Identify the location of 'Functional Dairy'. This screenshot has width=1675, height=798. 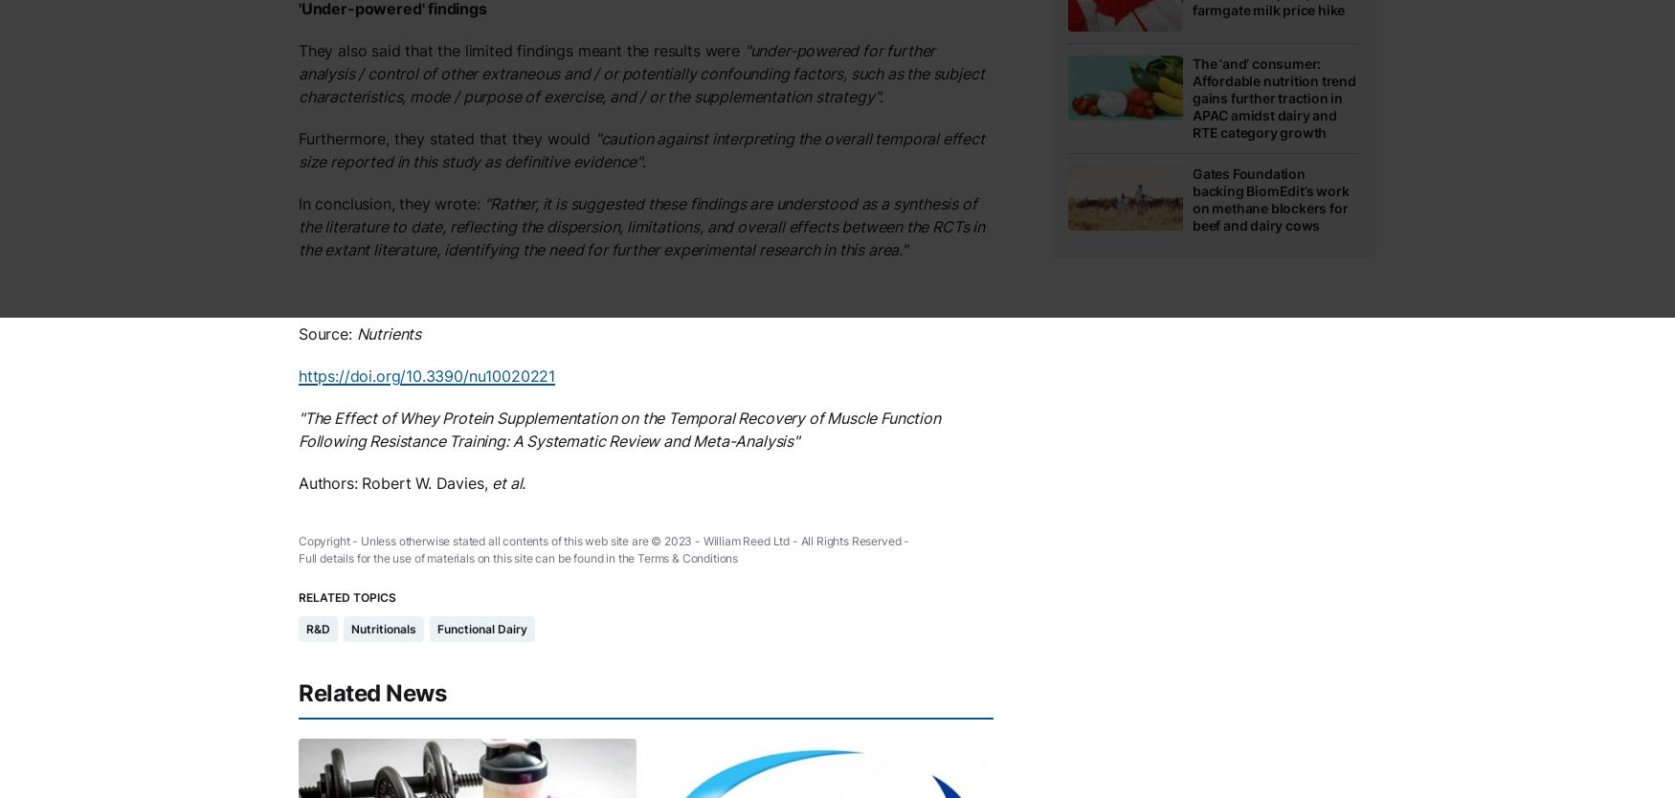
(480, 628).